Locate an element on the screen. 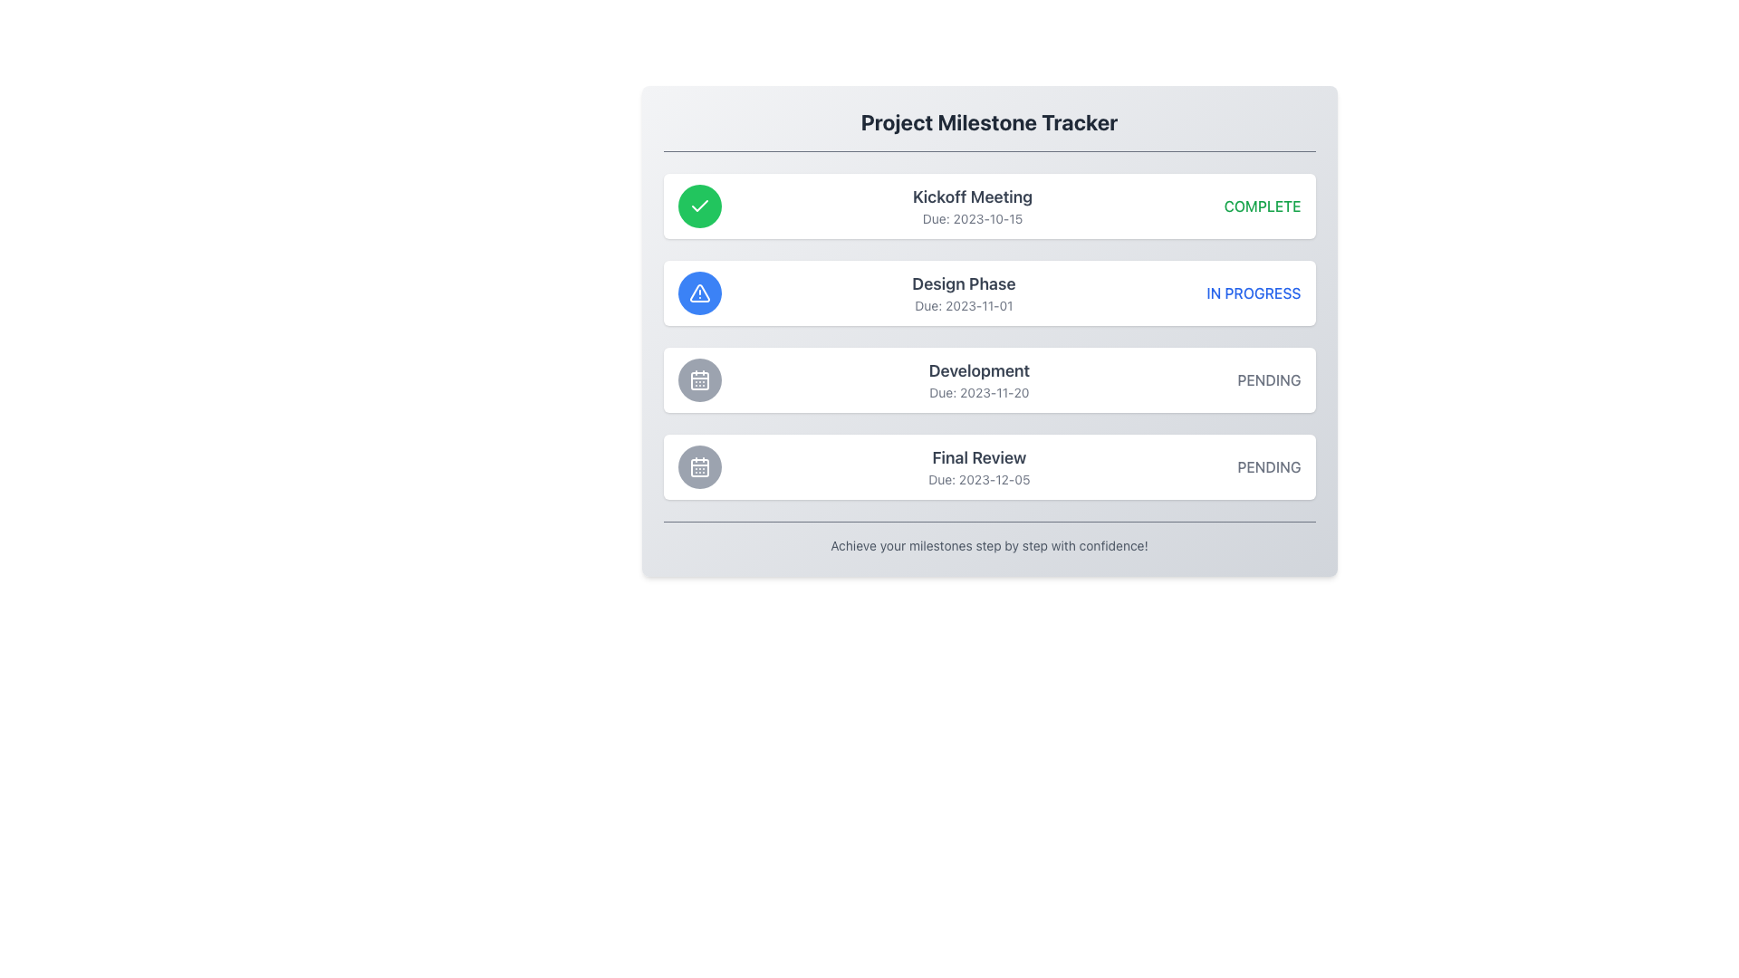 The height and width of the screenshot is (978, 1739). the calendar icon representing the 'Development' task in the third row of the vertical list is located at coordinates (698, 466).